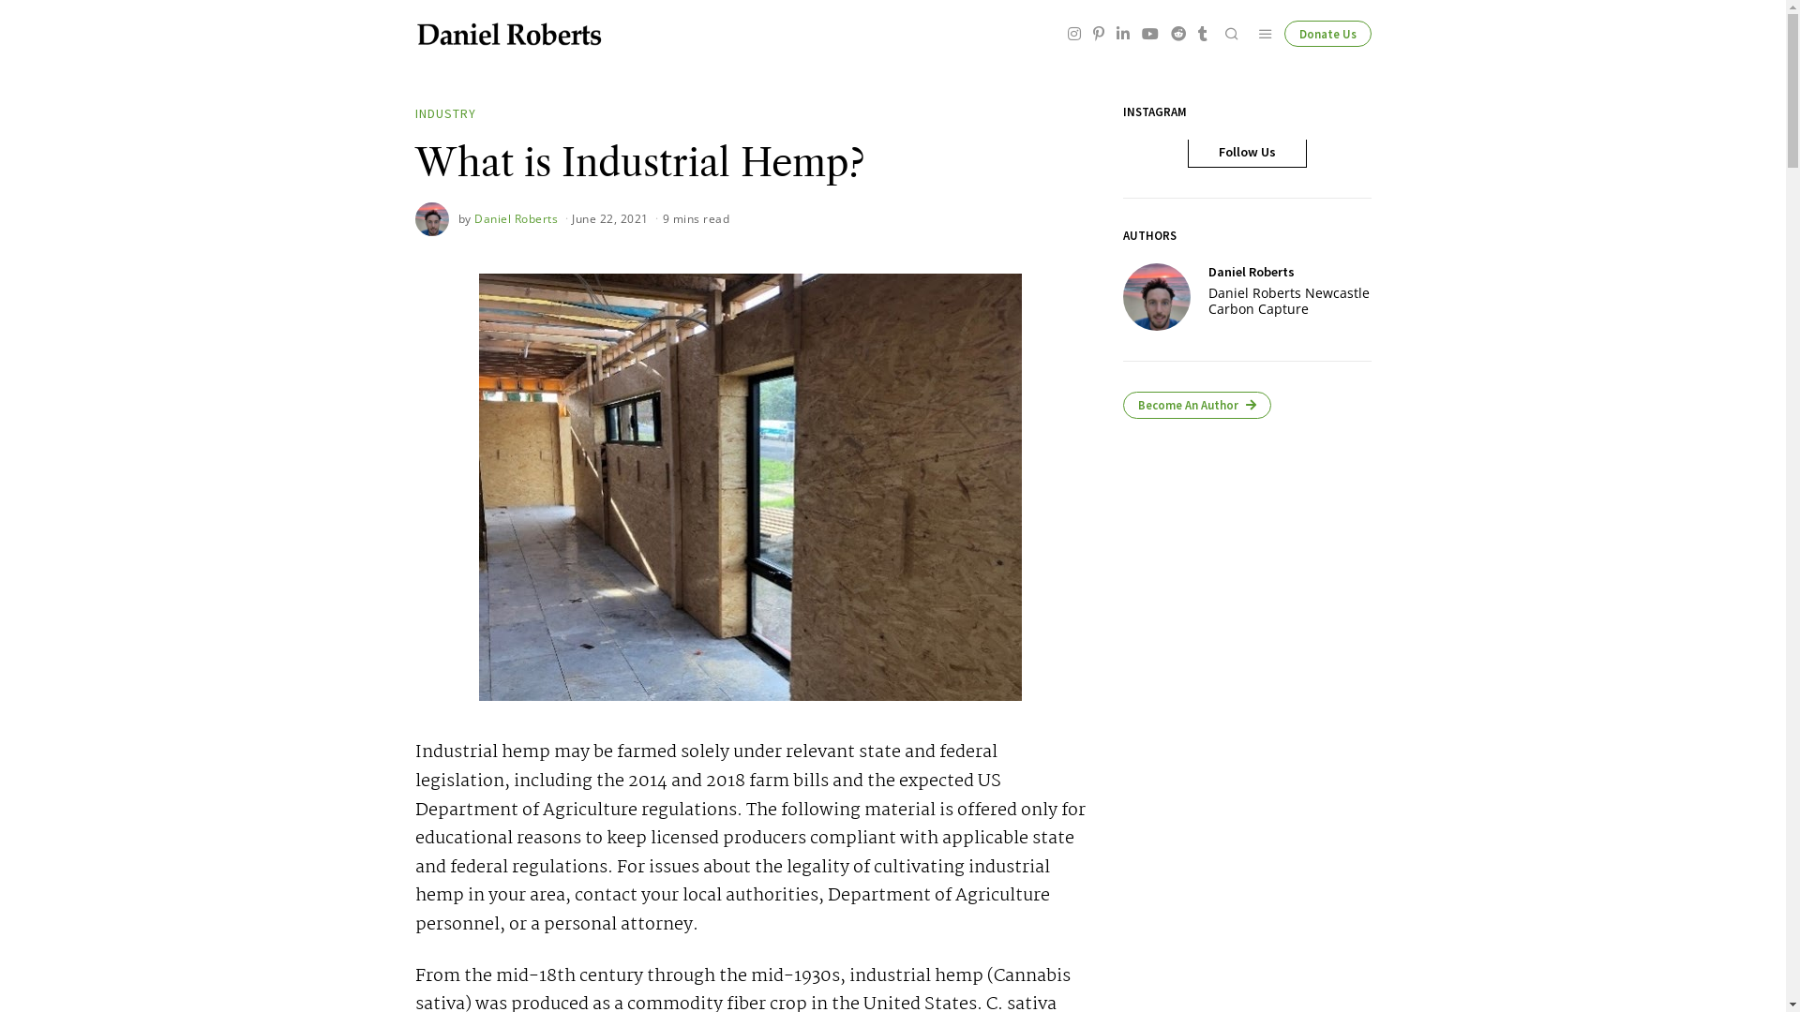  What do you see at coordinates (1177, 33) in the screenshot?
I see `'Reddit'` at bounding box center [1177, 33].